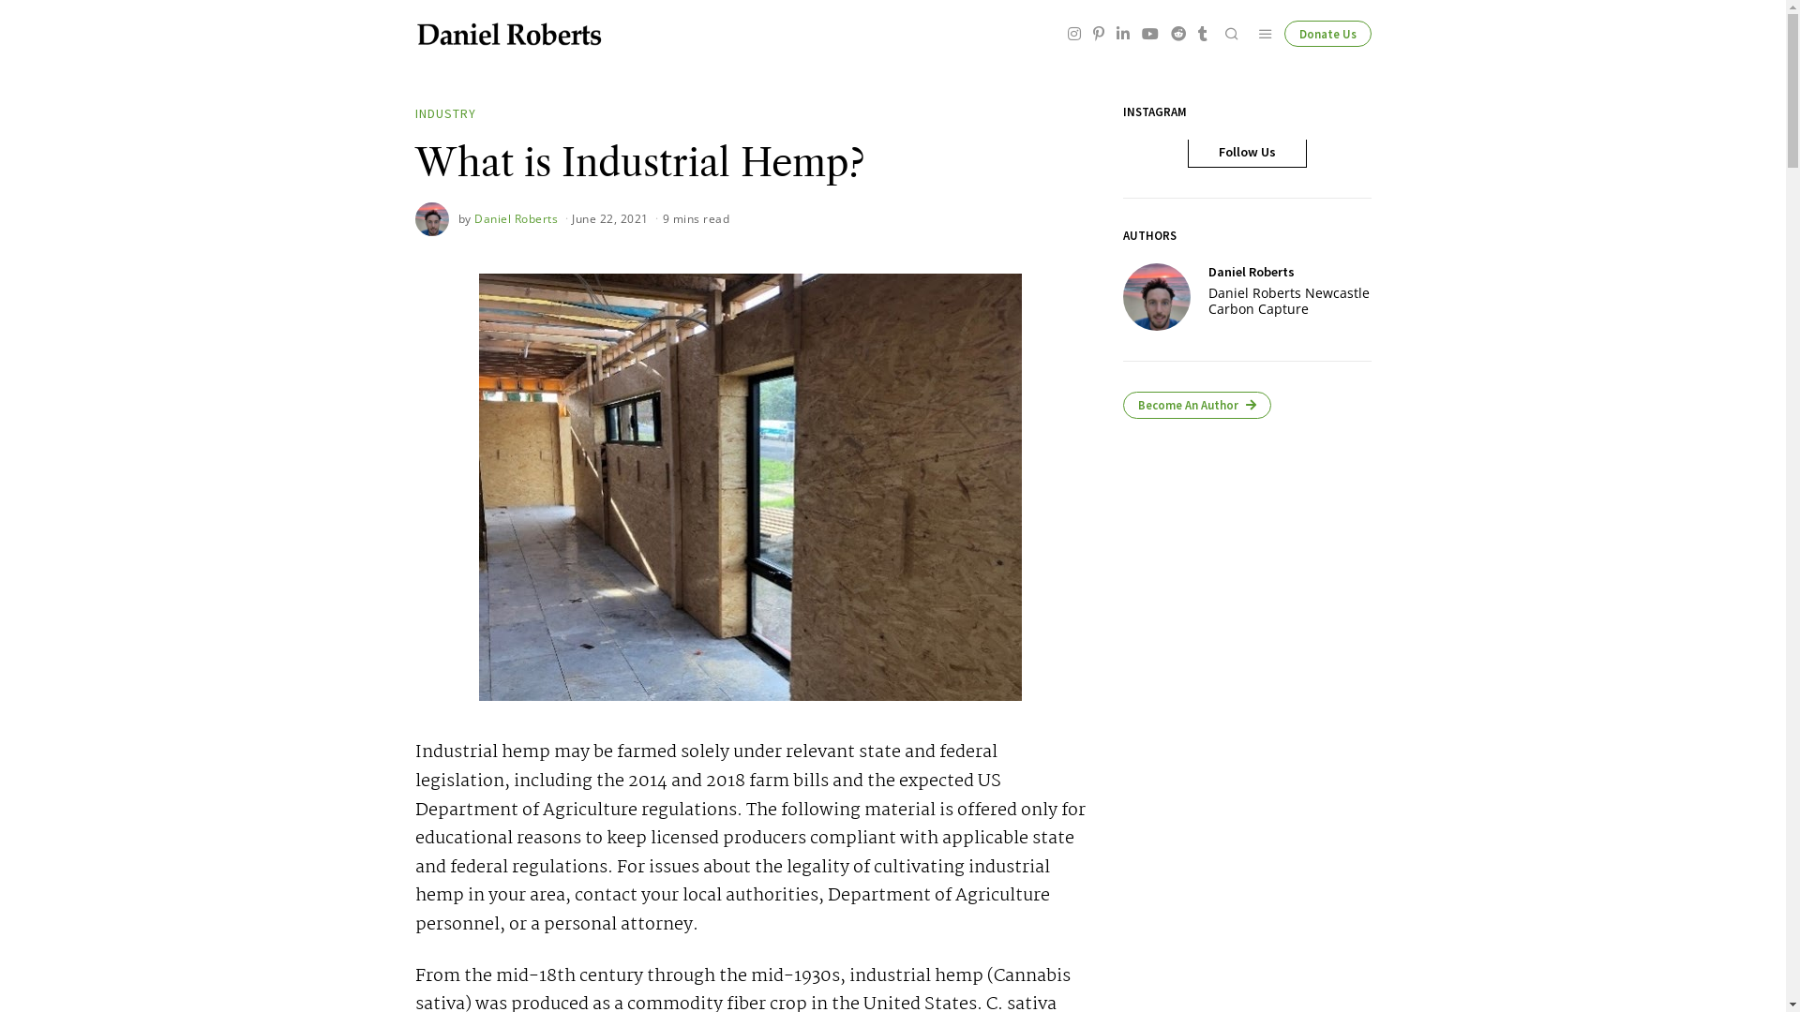  What do you see at coordinates (1177, 33) in the screenshot?
I see `'Reddit'` at bounding box center [1177, 33].